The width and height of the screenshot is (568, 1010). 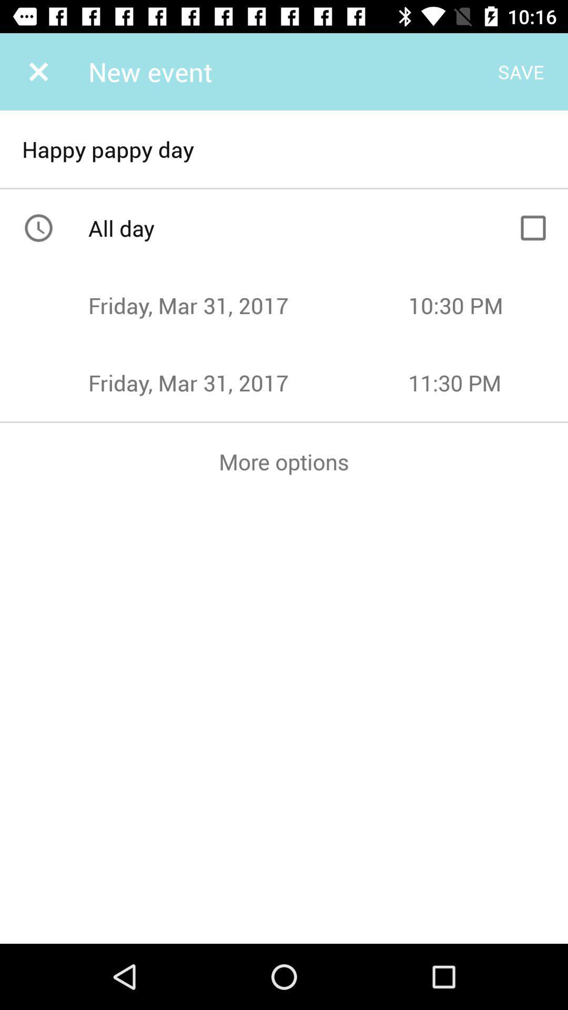 I want to click on the text left to 1130 pm, so click(x=248, y=382).